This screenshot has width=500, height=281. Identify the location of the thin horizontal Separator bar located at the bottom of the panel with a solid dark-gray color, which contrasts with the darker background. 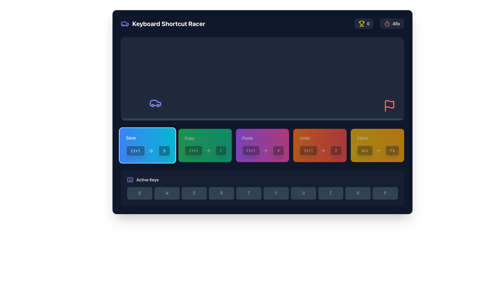
(262, 119).